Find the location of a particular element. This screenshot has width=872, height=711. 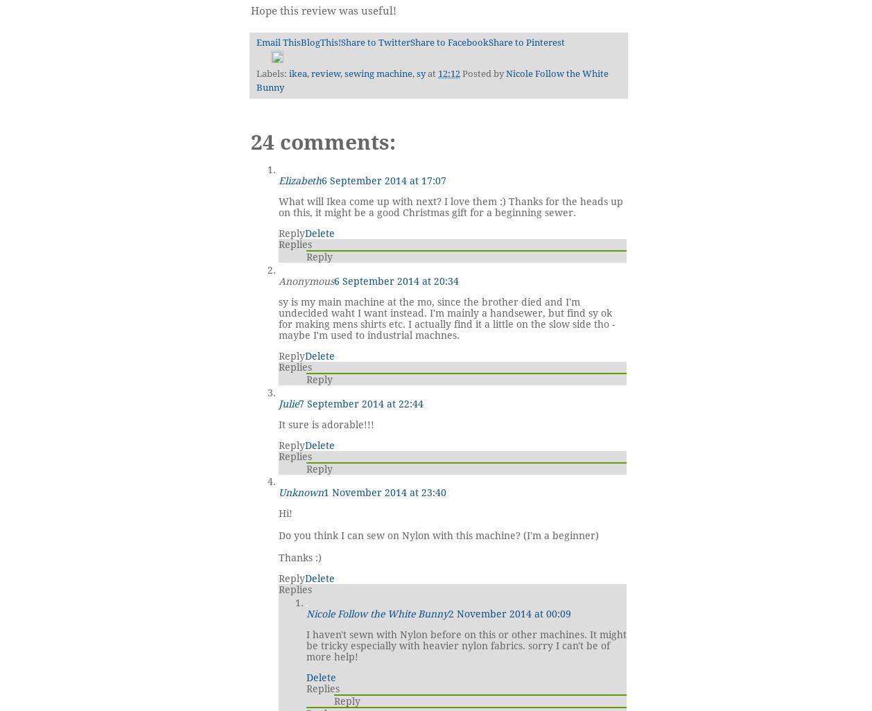

'Labels:' is located at coordinates (255, 73).